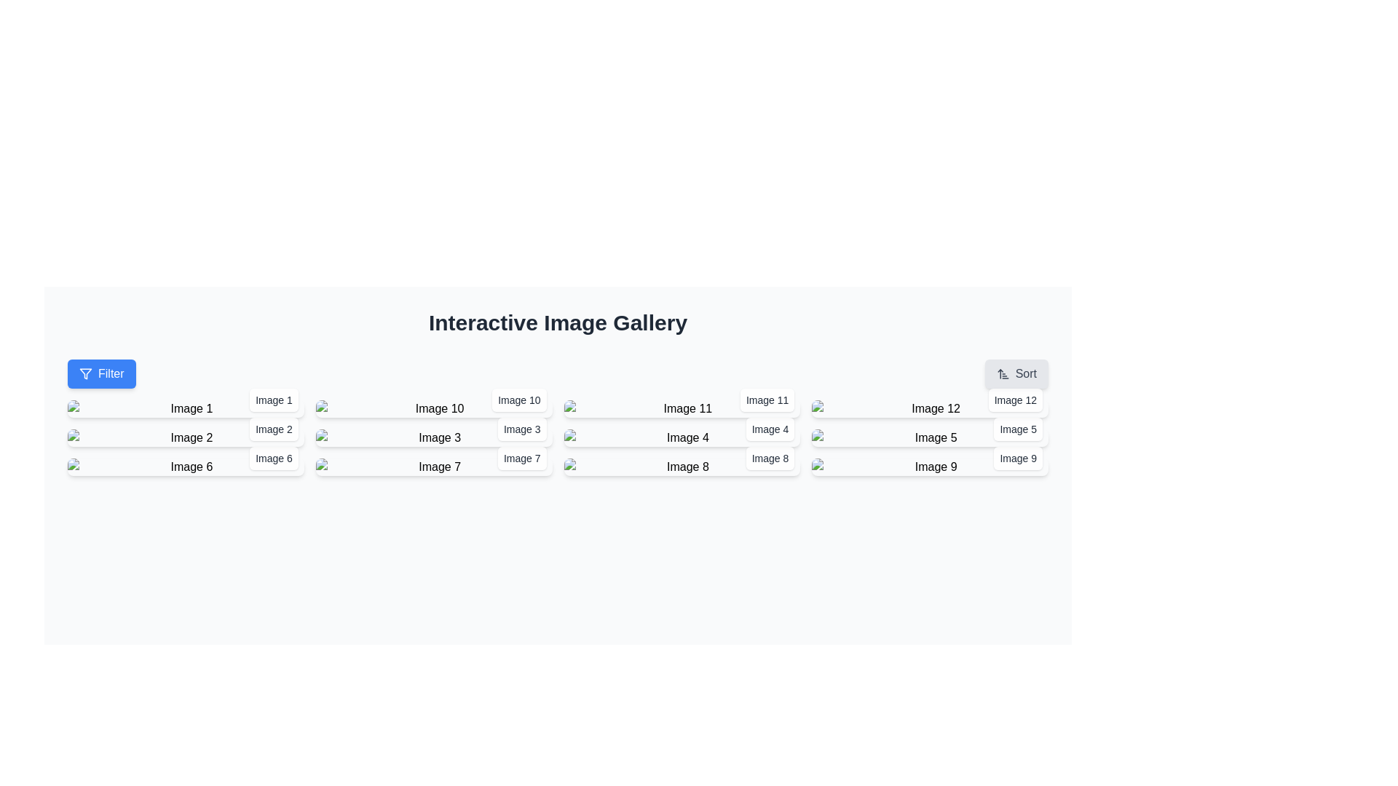  What do you see at coordinates (1017, 429) in the screenshot?
I see `the text label element reading 'Image 5', which is a small gray caption located near the bottom-right corner of the Image 5 thumbnail` at bounding box center [1017, 429].